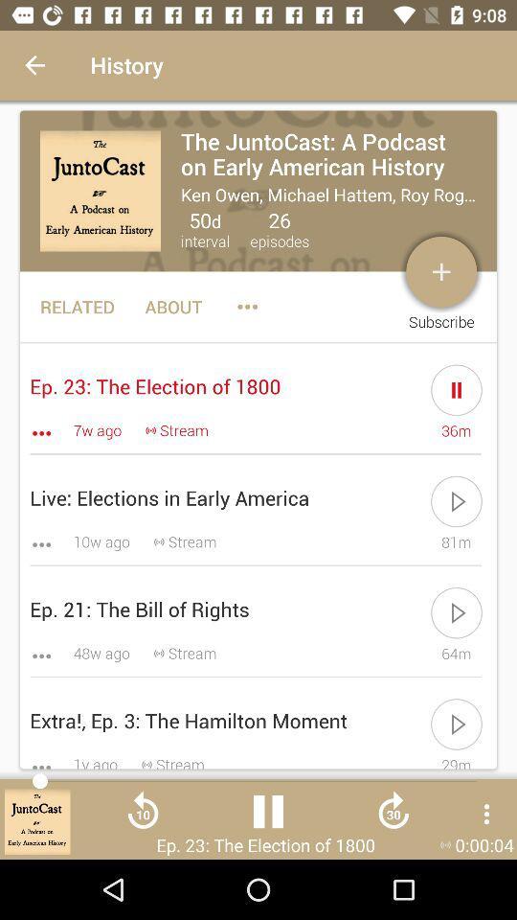  What do you see at coordinates (486, 813) in the screenshot?
I see `the more icon` at bounding box center [486, 813].